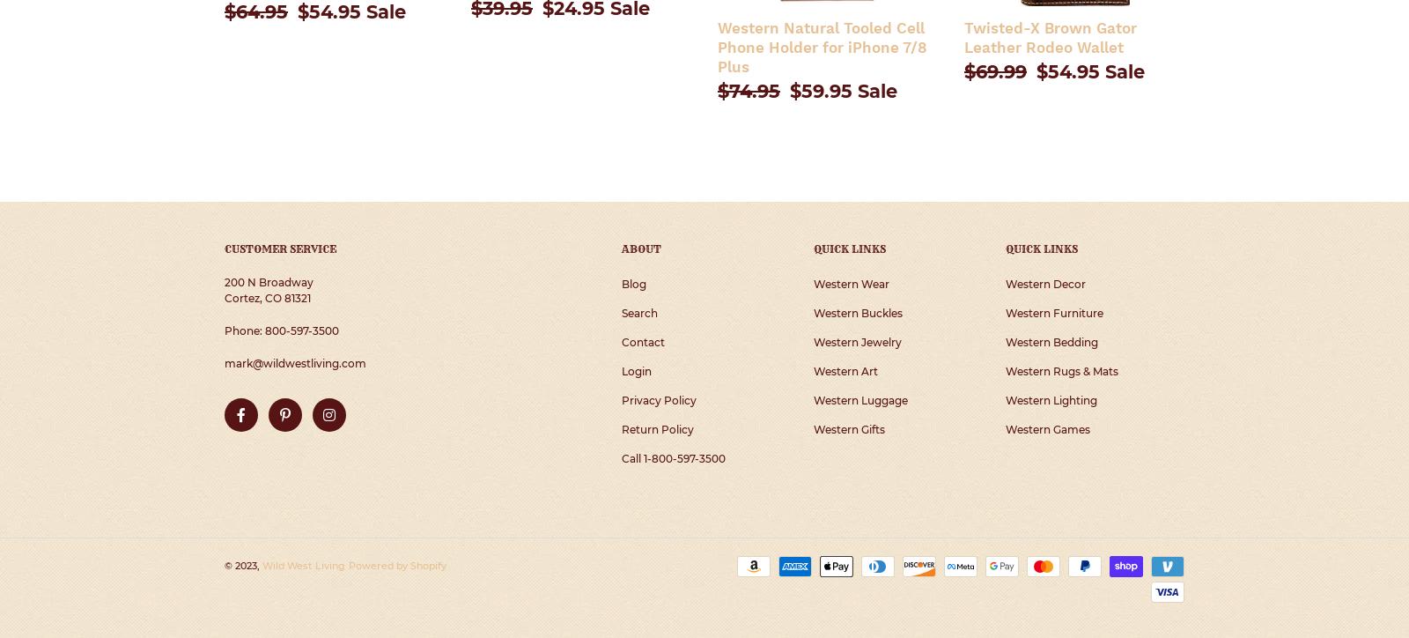  What do you see at coordinates (1051, 341) in the screenshot?
I see `'Western Bedding'` at bounding box center [1051, 341].